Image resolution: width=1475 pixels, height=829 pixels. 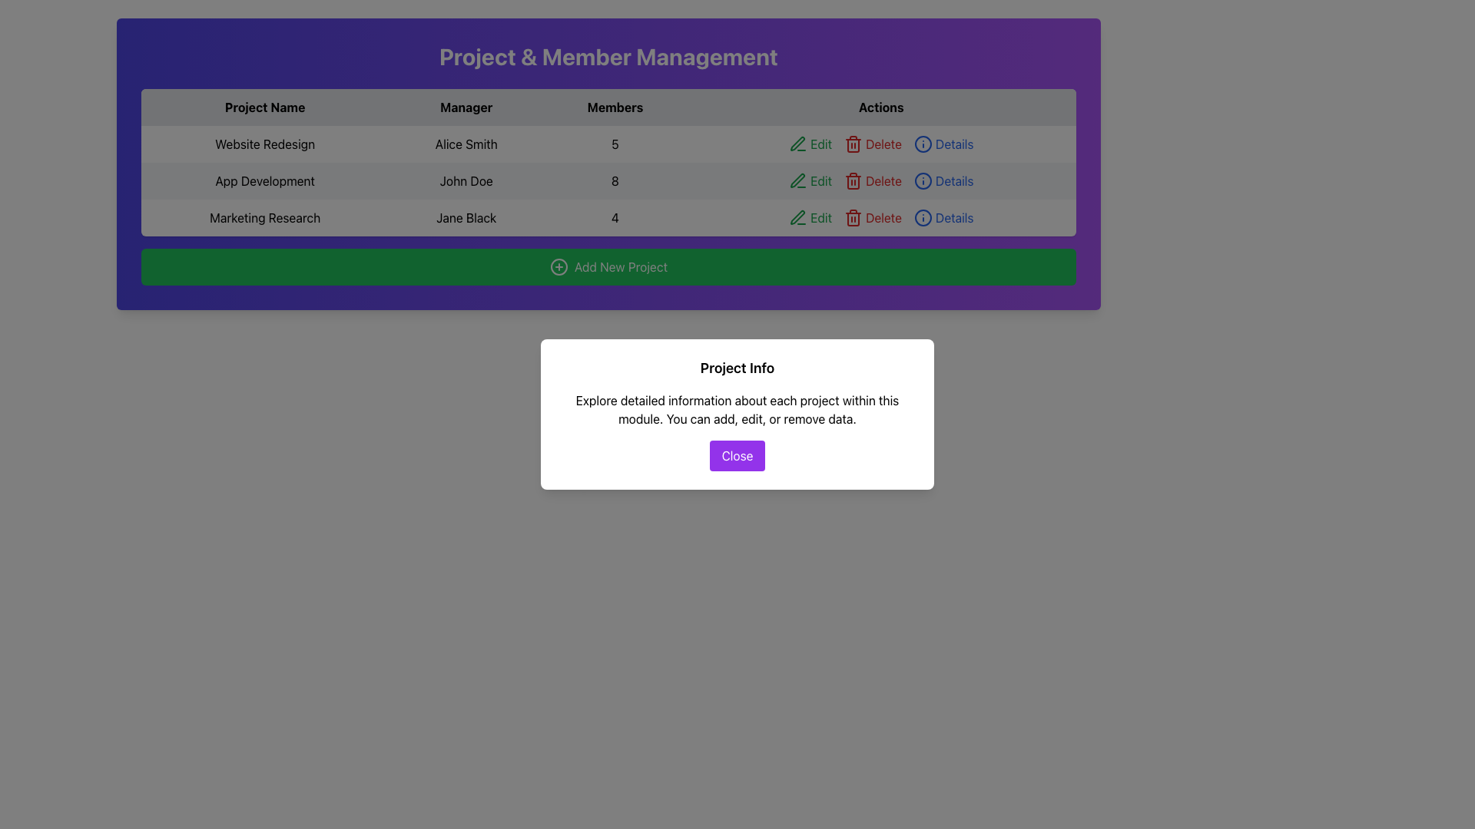 What do you see at coordinates (881, 106) in the screenshot?
I see `the static text label displaying 'Actions', which is the last column header in the row of headers, positioned to the right of 'Members'` at bounding box center [881, 106].